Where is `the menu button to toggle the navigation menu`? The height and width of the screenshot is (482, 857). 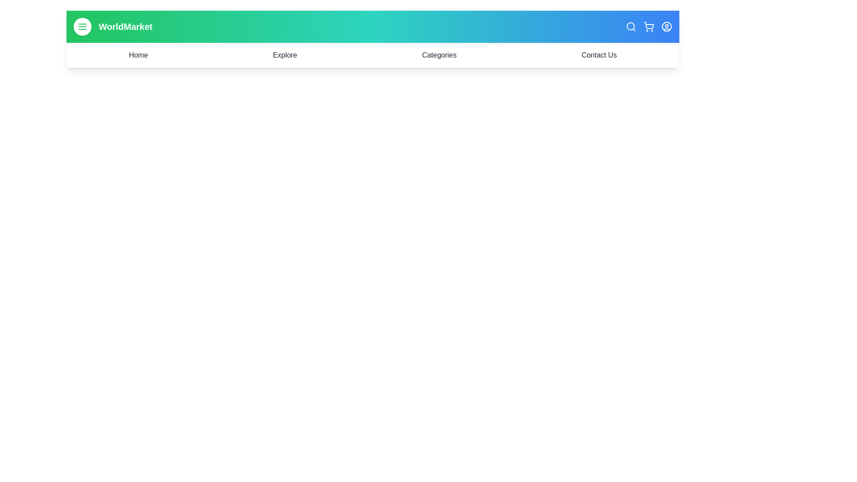
the menu button to toggle the navigation menu is located at coordinates (83, 26).